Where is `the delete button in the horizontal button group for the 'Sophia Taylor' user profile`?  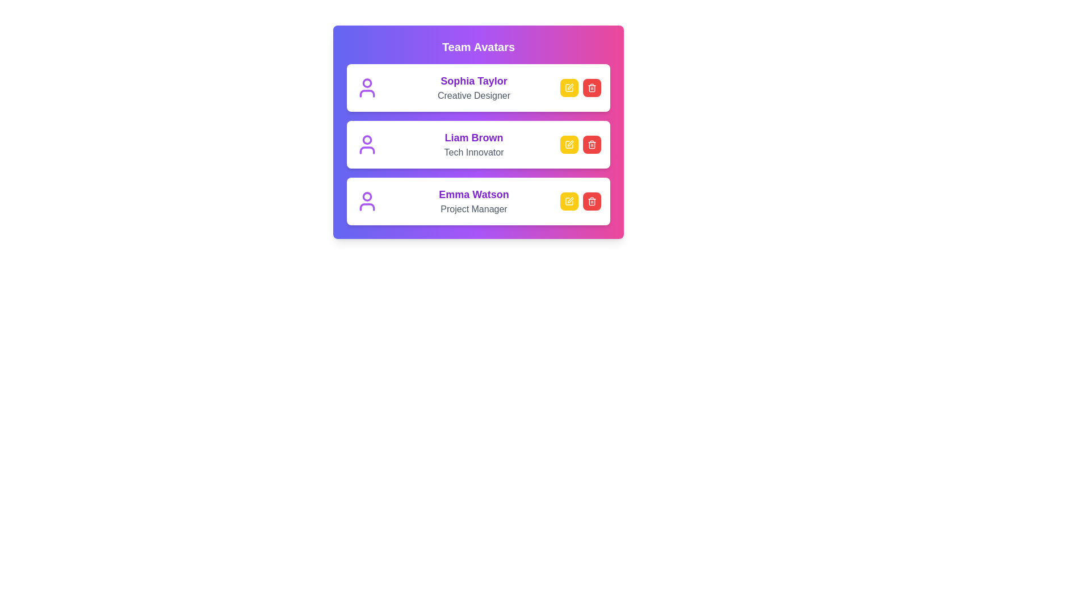 the delete button in the horizontal button group for the 'Sophia Taylor' user profile is located at coordinates (580, 87).